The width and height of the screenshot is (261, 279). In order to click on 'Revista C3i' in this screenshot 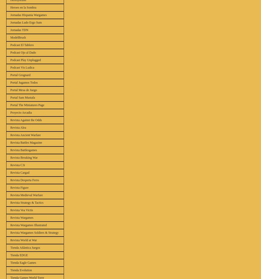, I will do `click(18, 165)`.